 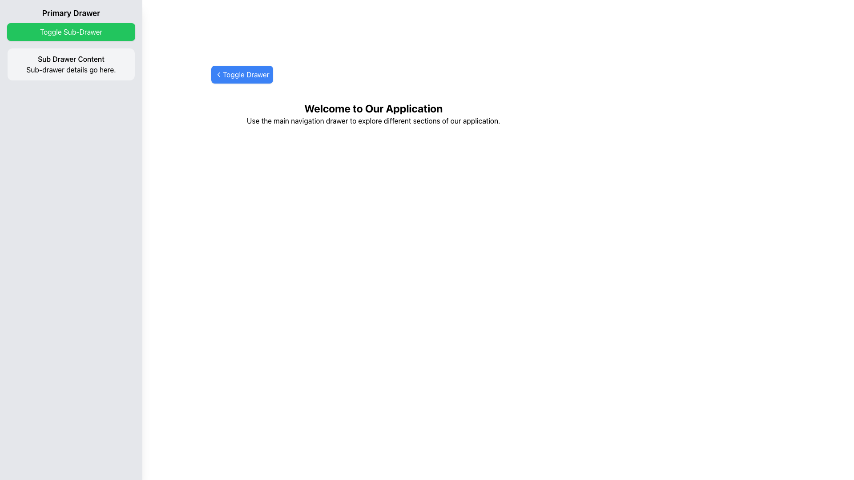 I want to click on the left-pointing chevron icon located to the left of the 'Toggle Drawer' button's text, so click(x=218, y=74).